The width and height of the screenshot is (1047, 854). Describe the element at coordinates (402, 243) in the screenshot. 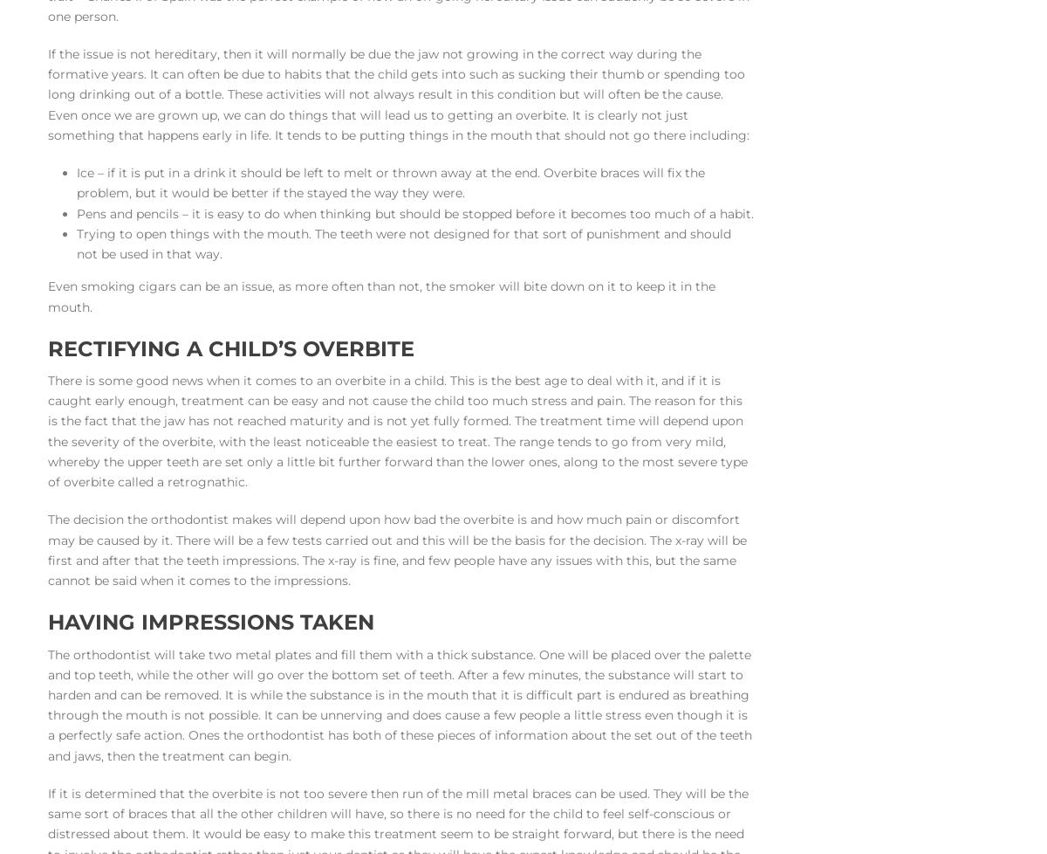

I see `'Trying to open things with the mouth. The teeth were not designed for that sort of punishment and should not be used in that way.'` at that location.